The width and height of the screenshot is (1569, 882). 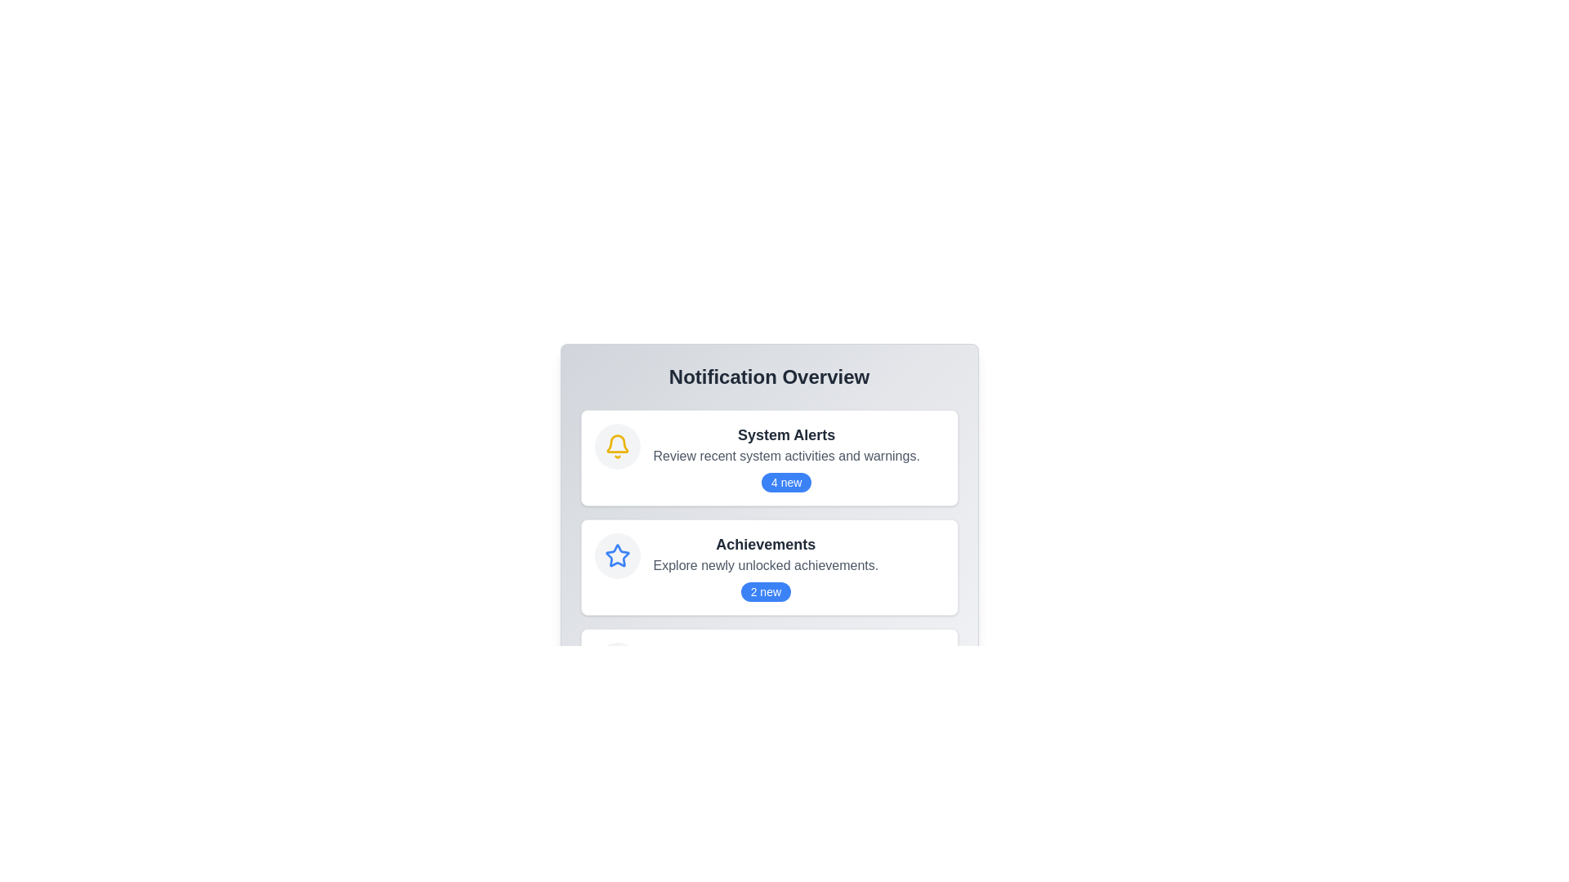 What do you see at coordinates (616, 447) in the screenshot?
I see `the bright yellow bell icon located in the top-left corner of the 'System Alerts' section of the notification interface, which is part of the Notification Overview` at bounding box center [616, 447].